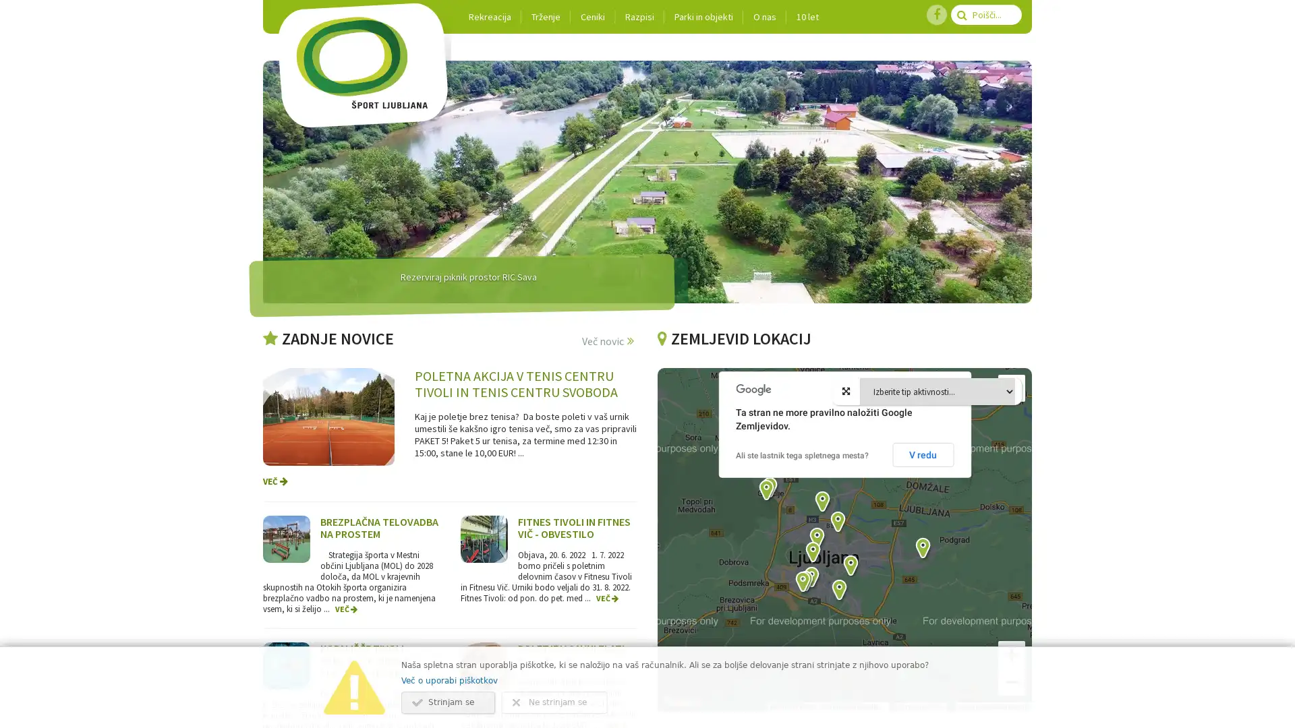 This screenshot has height=728, width=1295. I want to click on Kako do nas?, so click(776, 505).